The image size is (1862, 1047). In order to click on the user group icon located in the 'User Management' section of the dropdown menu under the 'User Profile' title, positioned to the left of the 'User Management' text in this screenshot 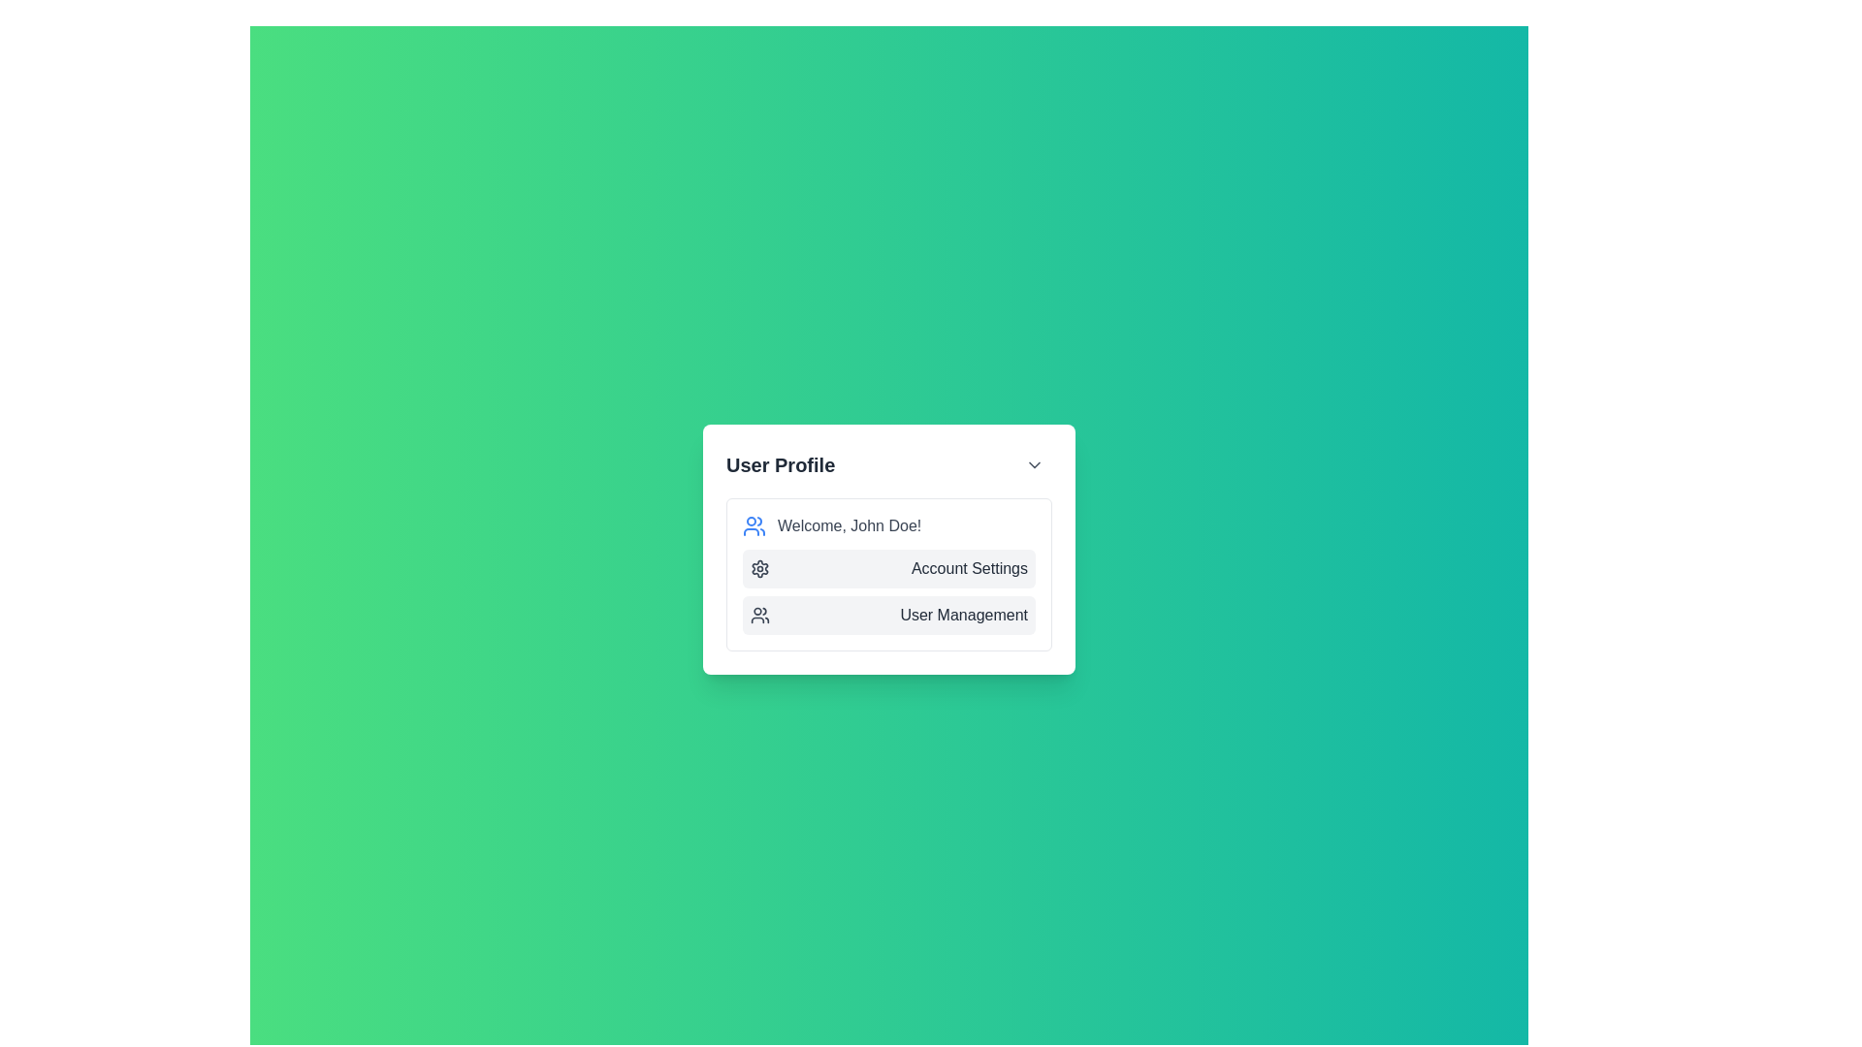, I will do `click(758, 616)`.